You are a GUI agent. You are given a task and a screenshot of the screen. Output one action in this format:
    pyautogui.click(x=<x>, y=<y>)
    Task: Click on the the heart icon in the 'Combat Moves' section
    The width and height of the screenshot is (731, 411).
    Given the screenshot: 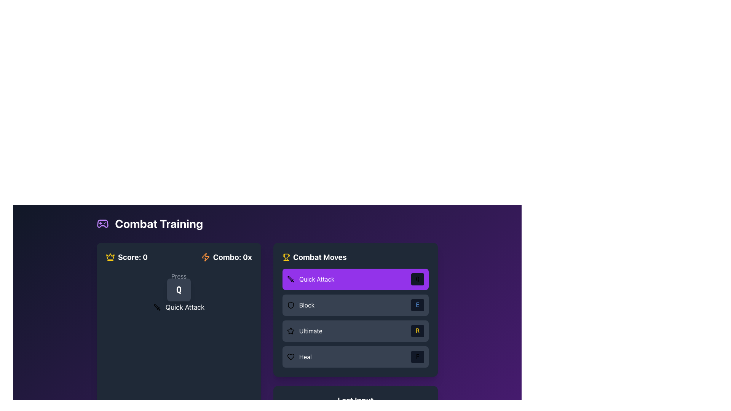 What is the action you would take?
    pyautogui.click(x=290, y=357)
    